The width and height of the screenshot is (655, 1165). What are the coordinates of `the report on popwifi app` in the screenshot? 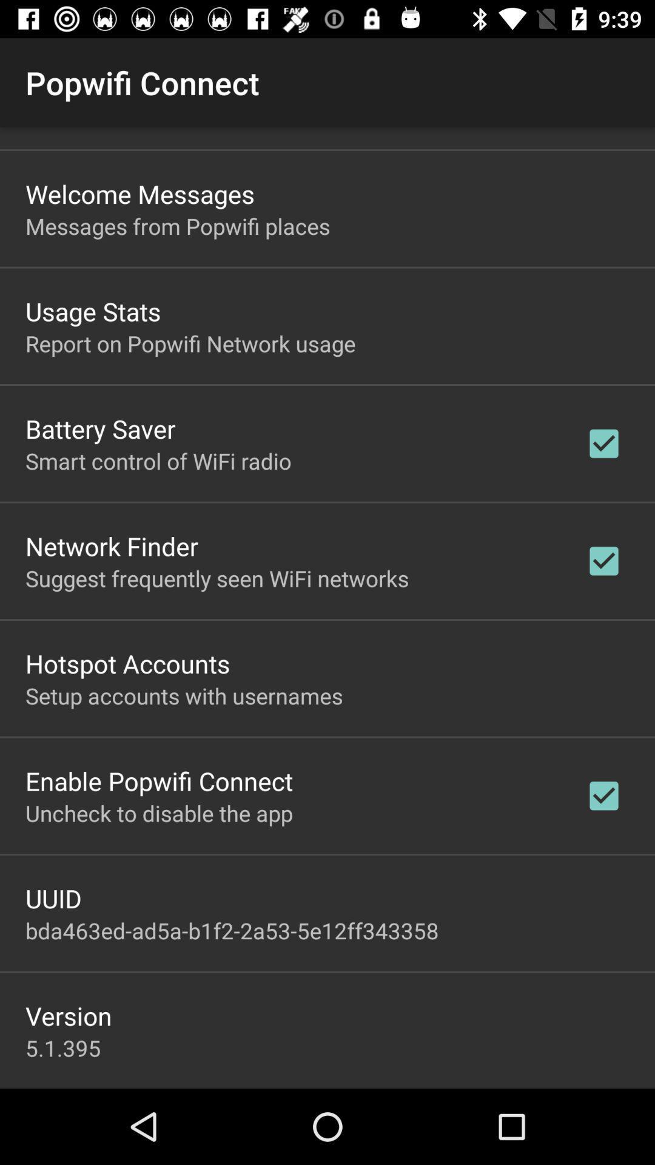 It's located at (190, 343).